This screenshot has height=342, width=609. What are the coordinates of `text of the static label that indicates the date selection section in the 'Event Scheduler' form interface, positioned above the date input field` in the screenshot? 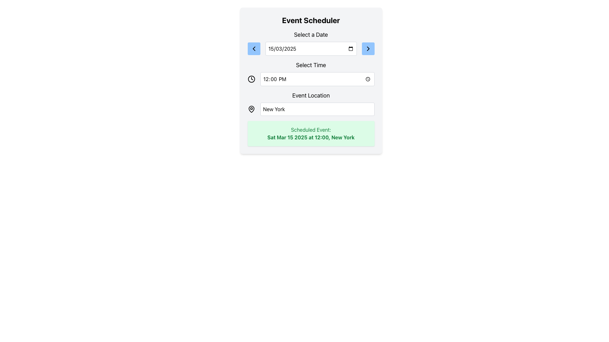 It's located at (311, 35).